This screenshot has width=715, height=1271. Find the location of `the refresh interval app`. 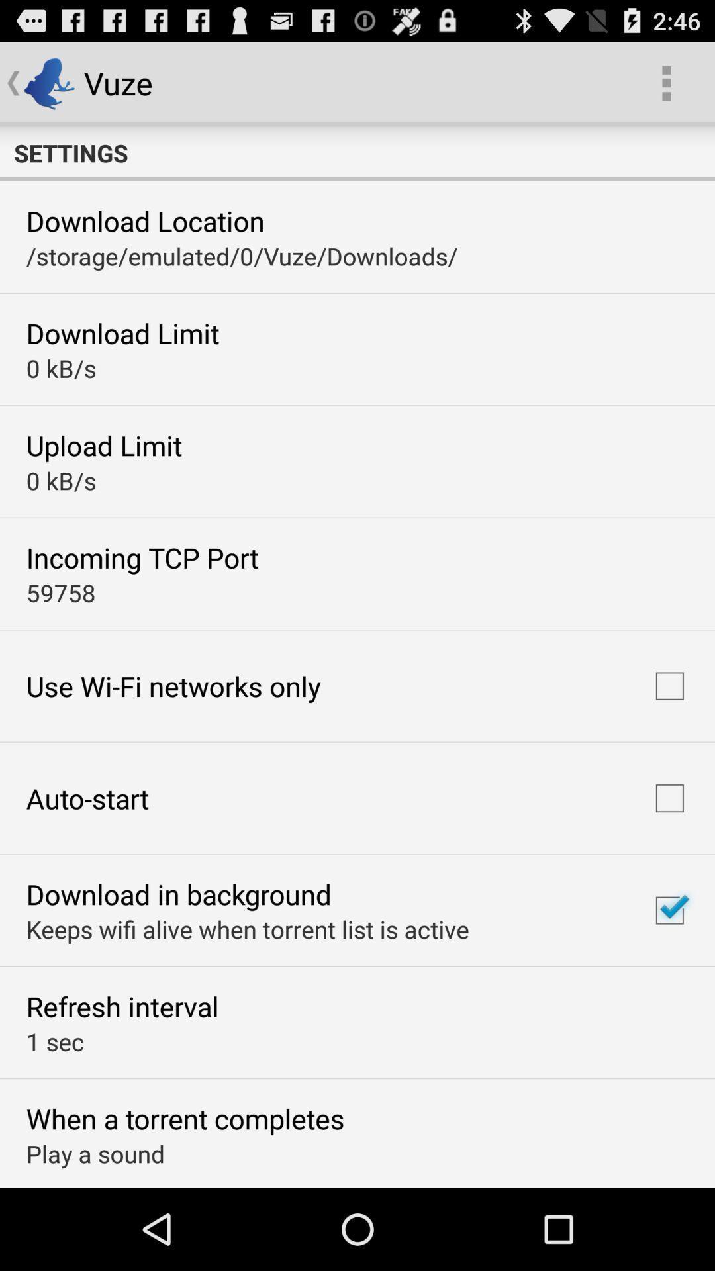

the refresh interval app is located at coordinates (122, 1006).